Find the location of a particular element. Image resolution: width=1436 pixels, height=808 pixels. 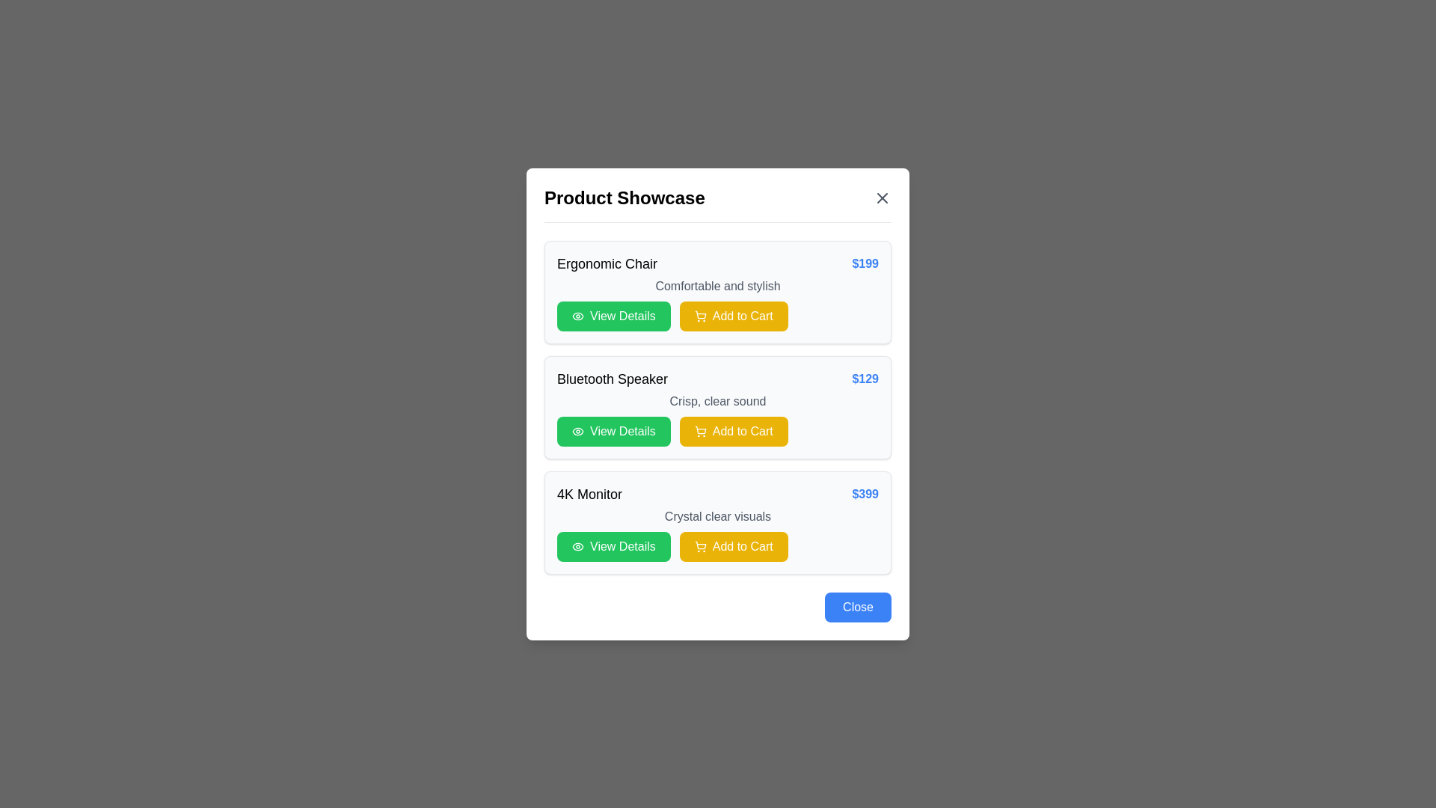

the top-right to bottom-left diagonal line of the 'X' close icon located in the top-right corner of the 'Product Showcase' modal is located at coordinates (883, 197).